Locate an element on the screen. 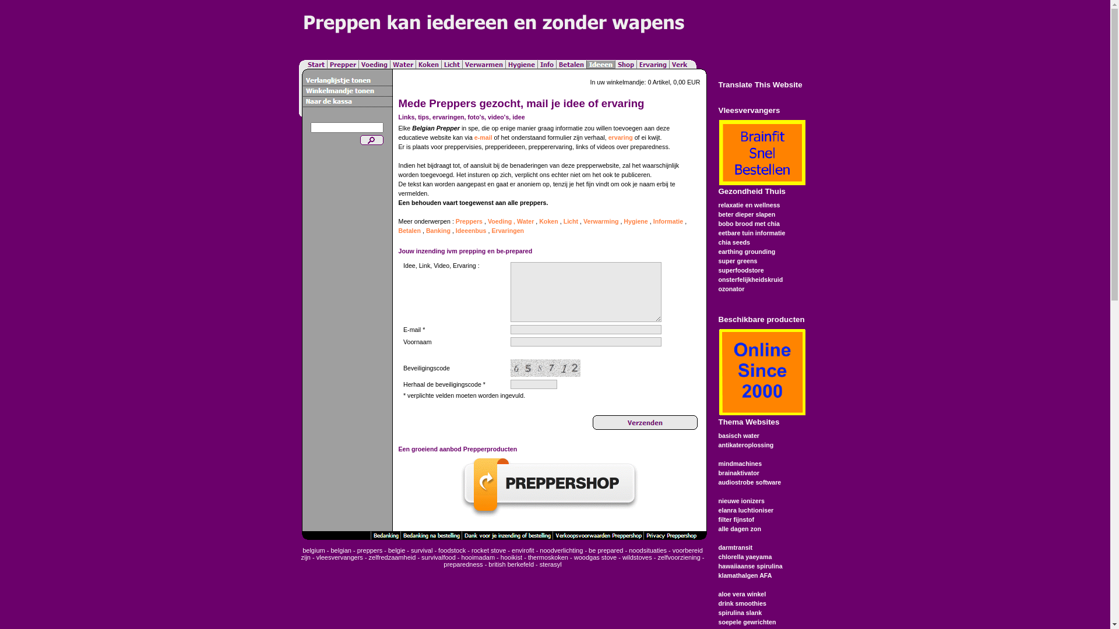 Image resolution: width=1119 pixels, height=629 pixels. 'spirulina slank' is located at coordinates (739, 612).